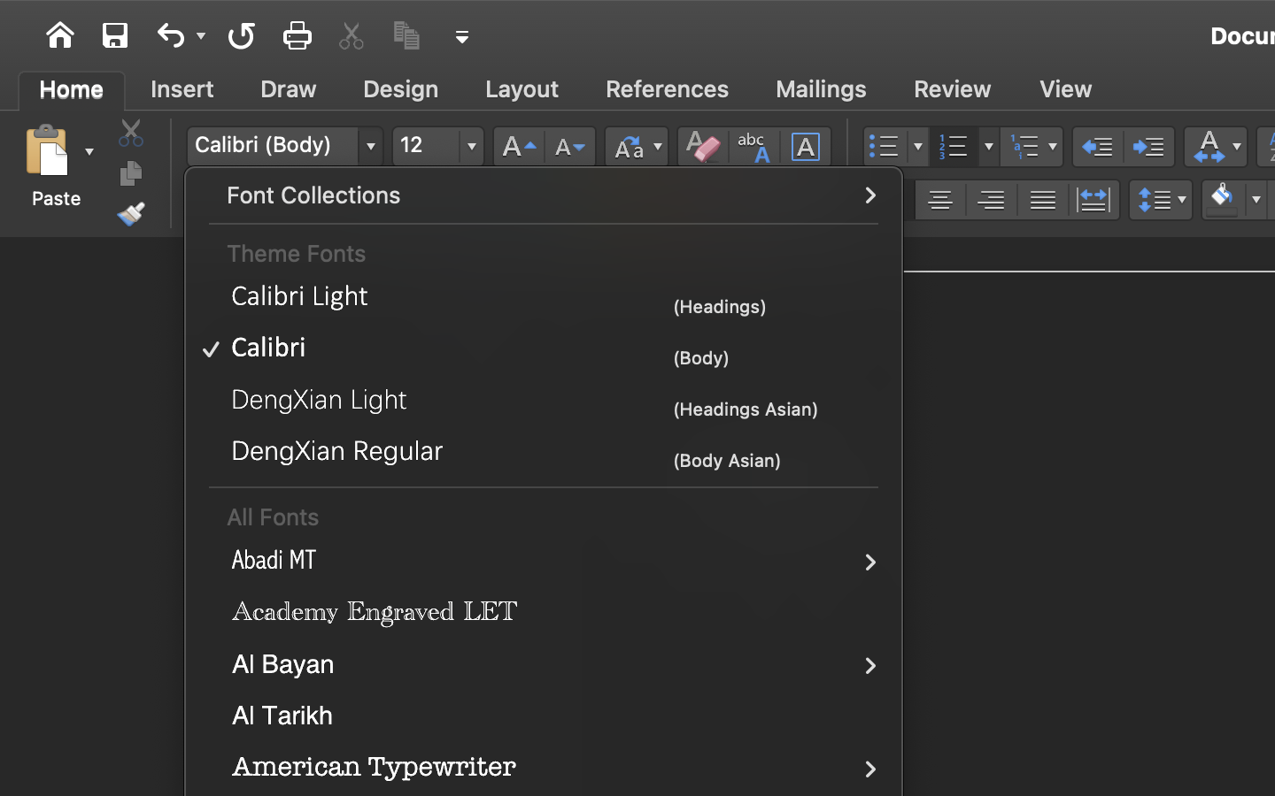 This screenshot has height=796, width=1275. Describe the element at coordinates (284, 146) in the screenshot. I see `'Calibri (Body)'` at that location.